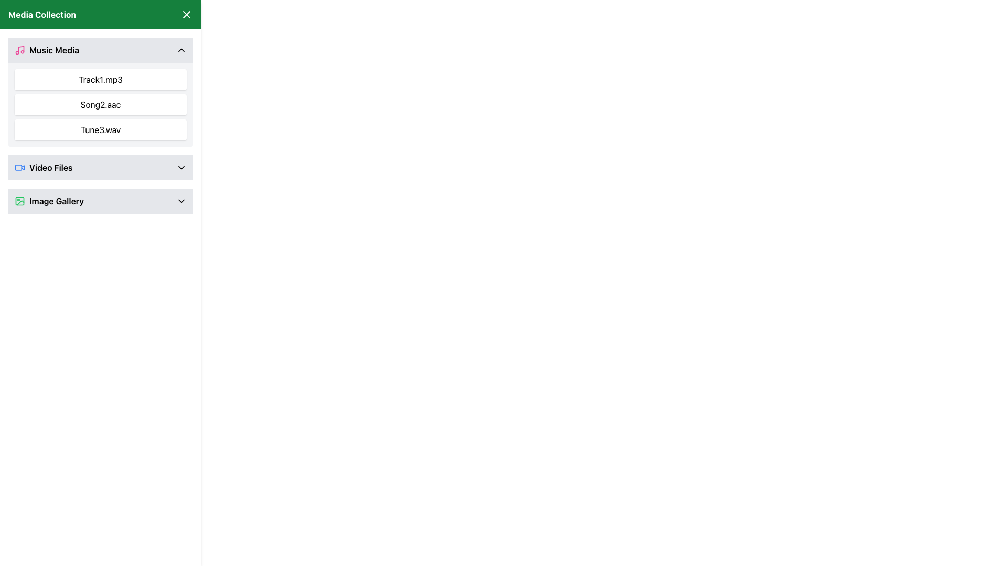 This screenshot has height=566, width=1007. What do you see at coordinates (101, 105) in the screenshot?
I see `on the second item in the 'Music Media' list of the 'Media Collection' panel` at bounding box center [101, 105].